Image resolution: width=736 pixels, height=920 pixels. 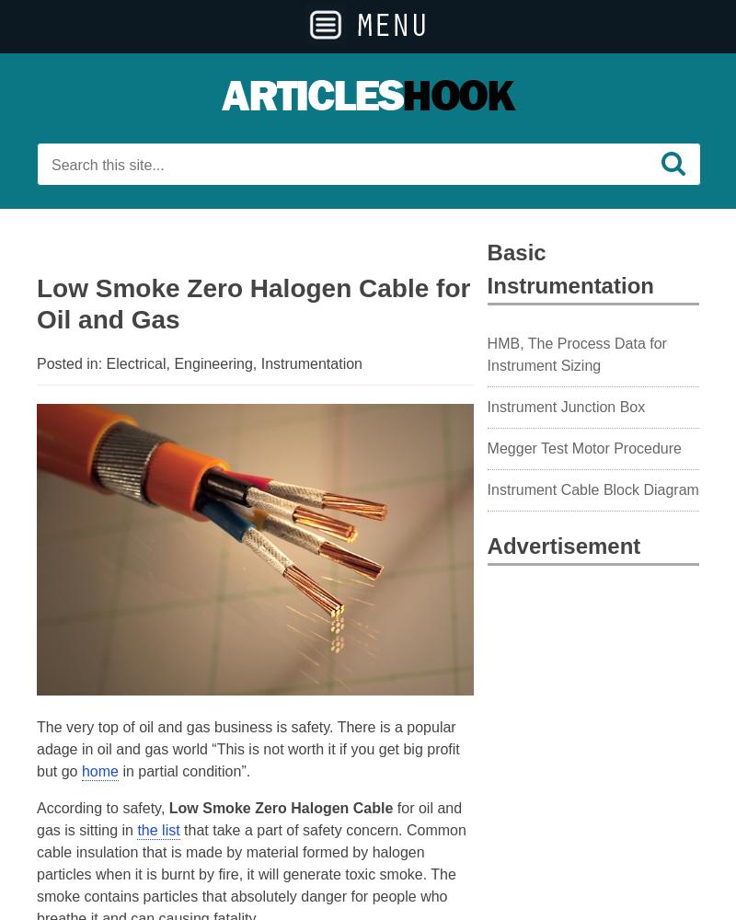 What do you see at coordinates (279, 808) in the screenshot?
I see `'Low Smoke Zero Halogen Cable'` at bounding box center [279, 808].